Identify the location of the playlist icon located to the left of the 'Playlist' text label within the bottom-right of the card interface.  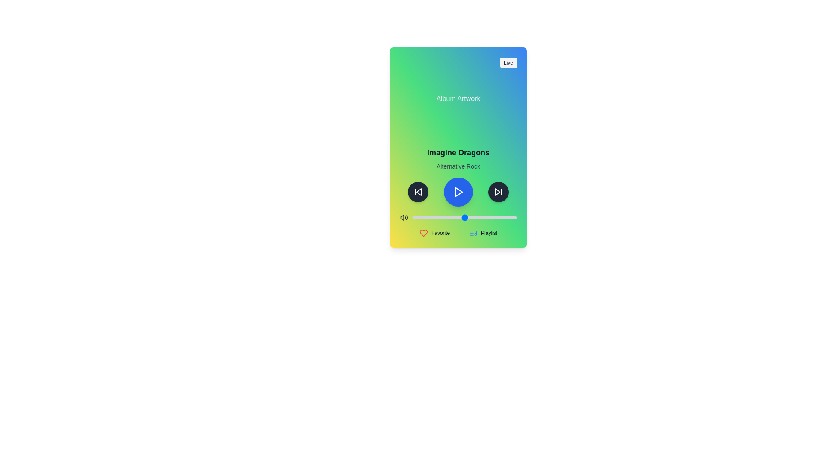
(473, 233).